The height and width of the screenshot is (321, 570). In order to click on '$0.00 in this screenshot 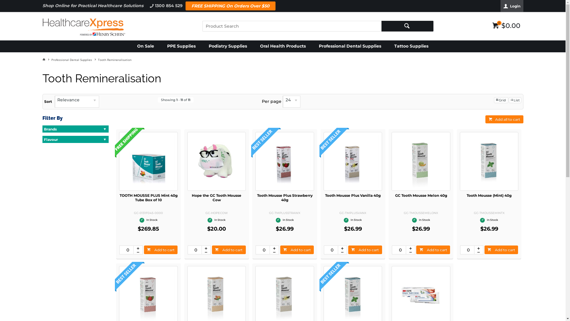, I will do `click(506, 24)`.